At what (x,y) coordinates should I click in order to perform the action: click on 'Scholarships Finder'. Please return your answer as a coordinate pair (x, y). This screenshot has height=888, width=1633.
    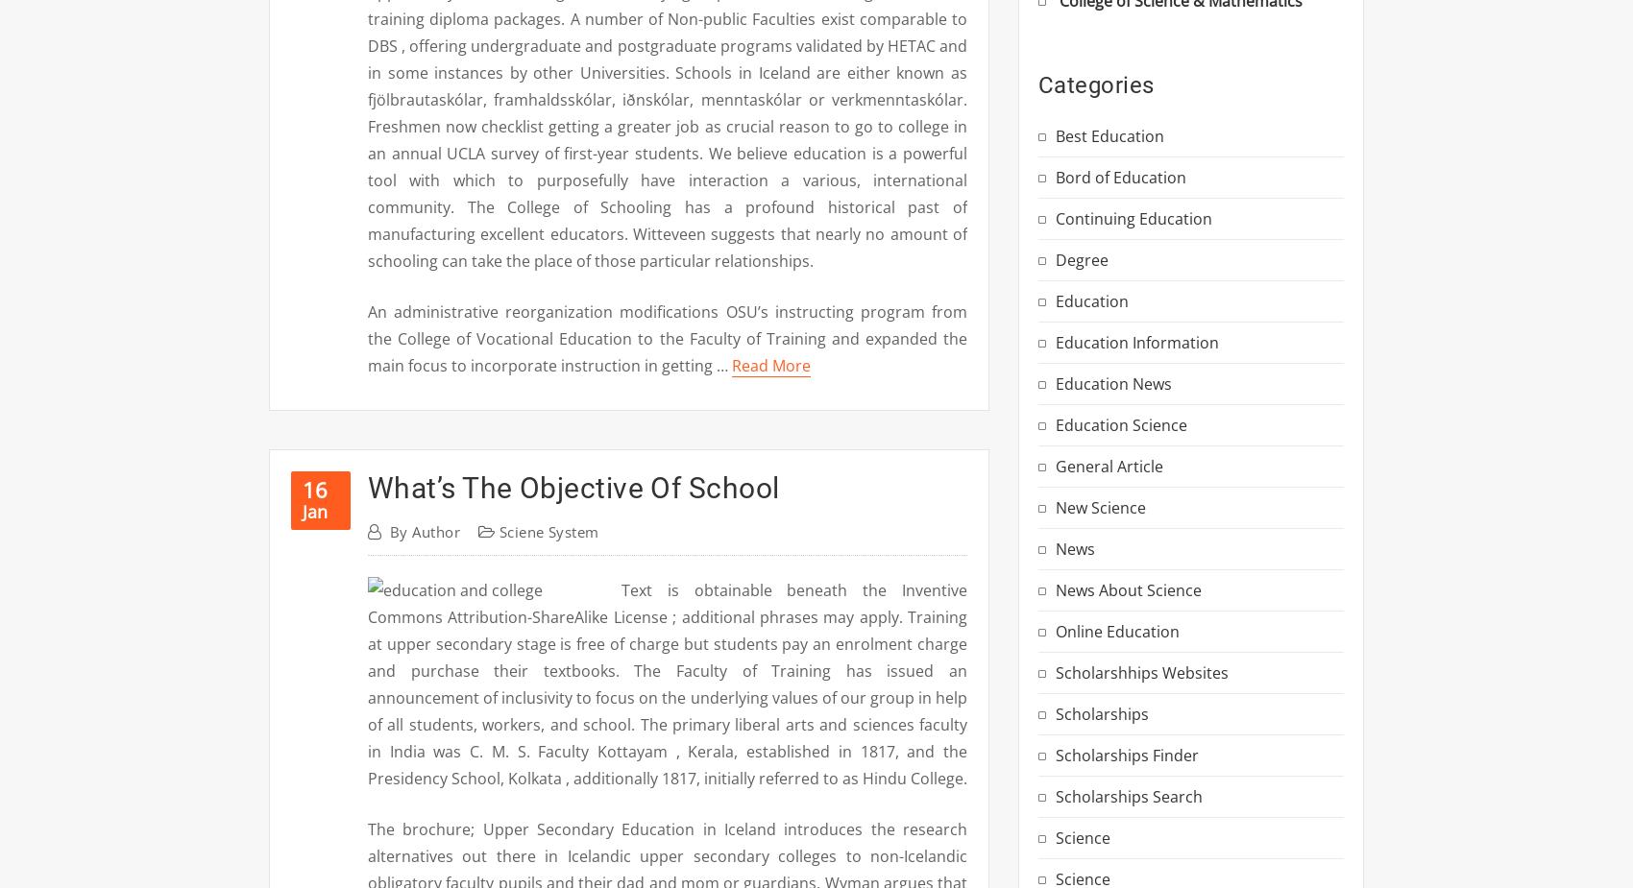
    Looking at the image, I should click on (1126, 754).